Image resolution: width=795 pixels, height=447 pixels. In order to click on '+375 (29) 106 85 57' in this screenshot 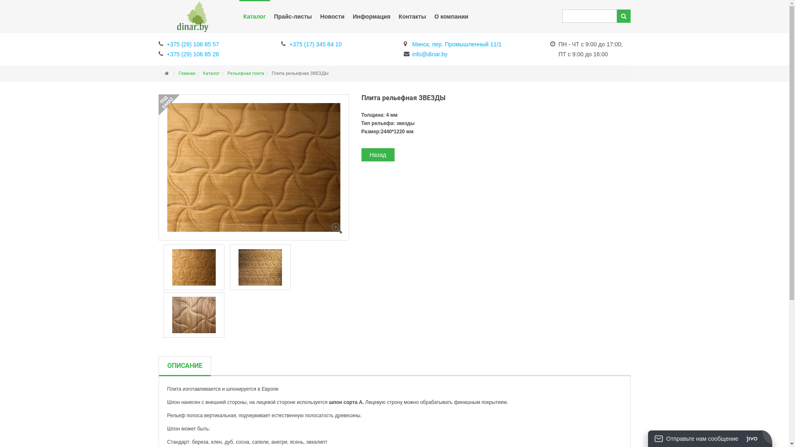, I will do `click(188, 43)`.